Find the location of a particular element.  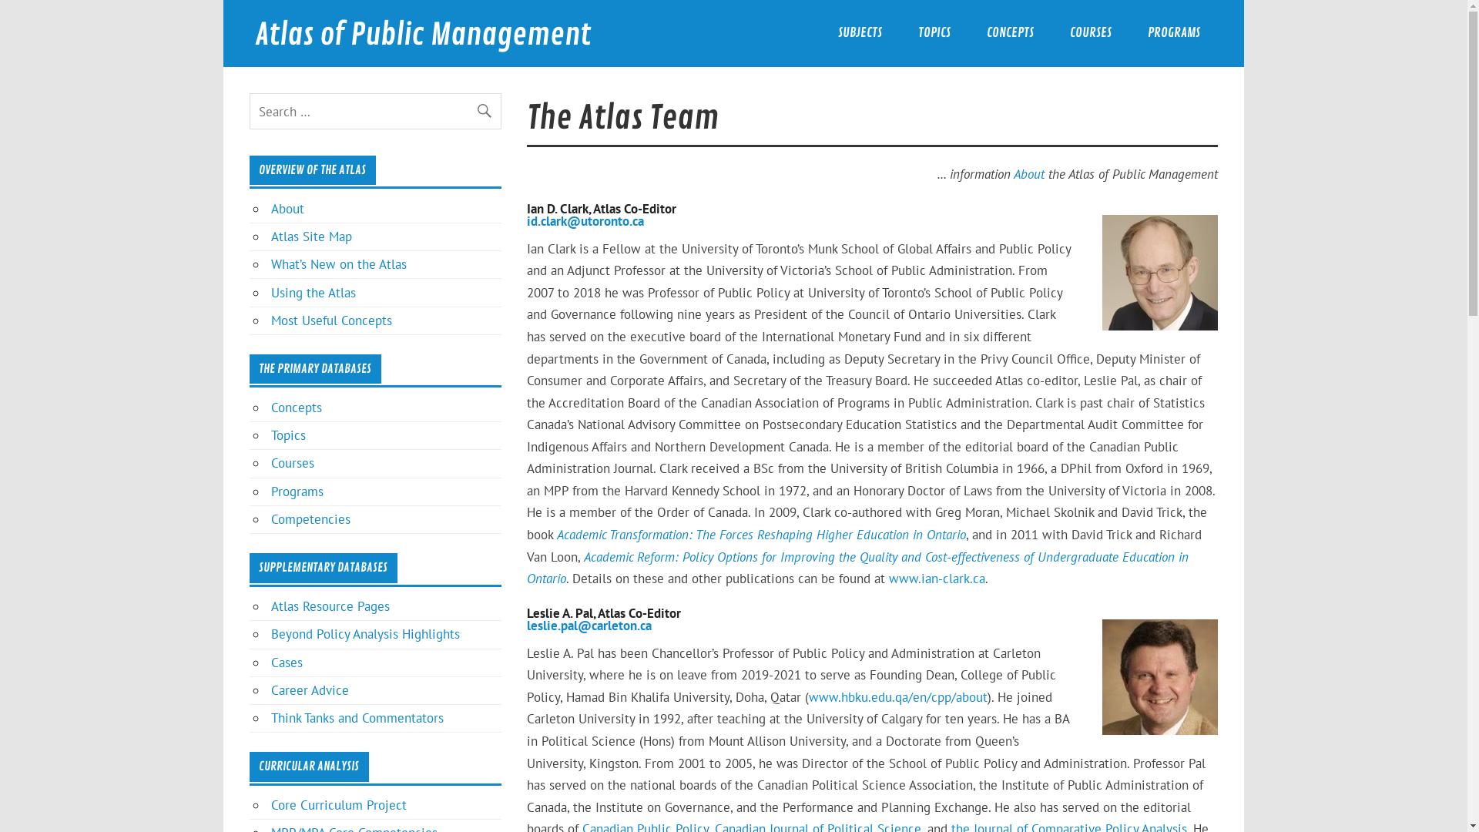

'Think Tanks and Commentators' is located at coordinates (357, 718).